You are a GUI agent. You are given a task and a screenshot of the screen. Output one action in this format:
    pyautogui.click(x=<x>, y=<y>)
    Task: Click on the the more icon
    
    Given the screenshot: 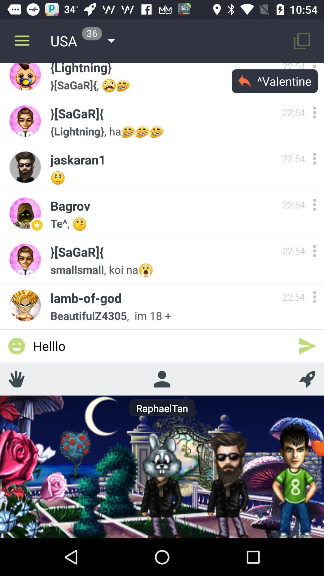 What is the action you would take?
    pyautogui.click(x=314, y=297)
    